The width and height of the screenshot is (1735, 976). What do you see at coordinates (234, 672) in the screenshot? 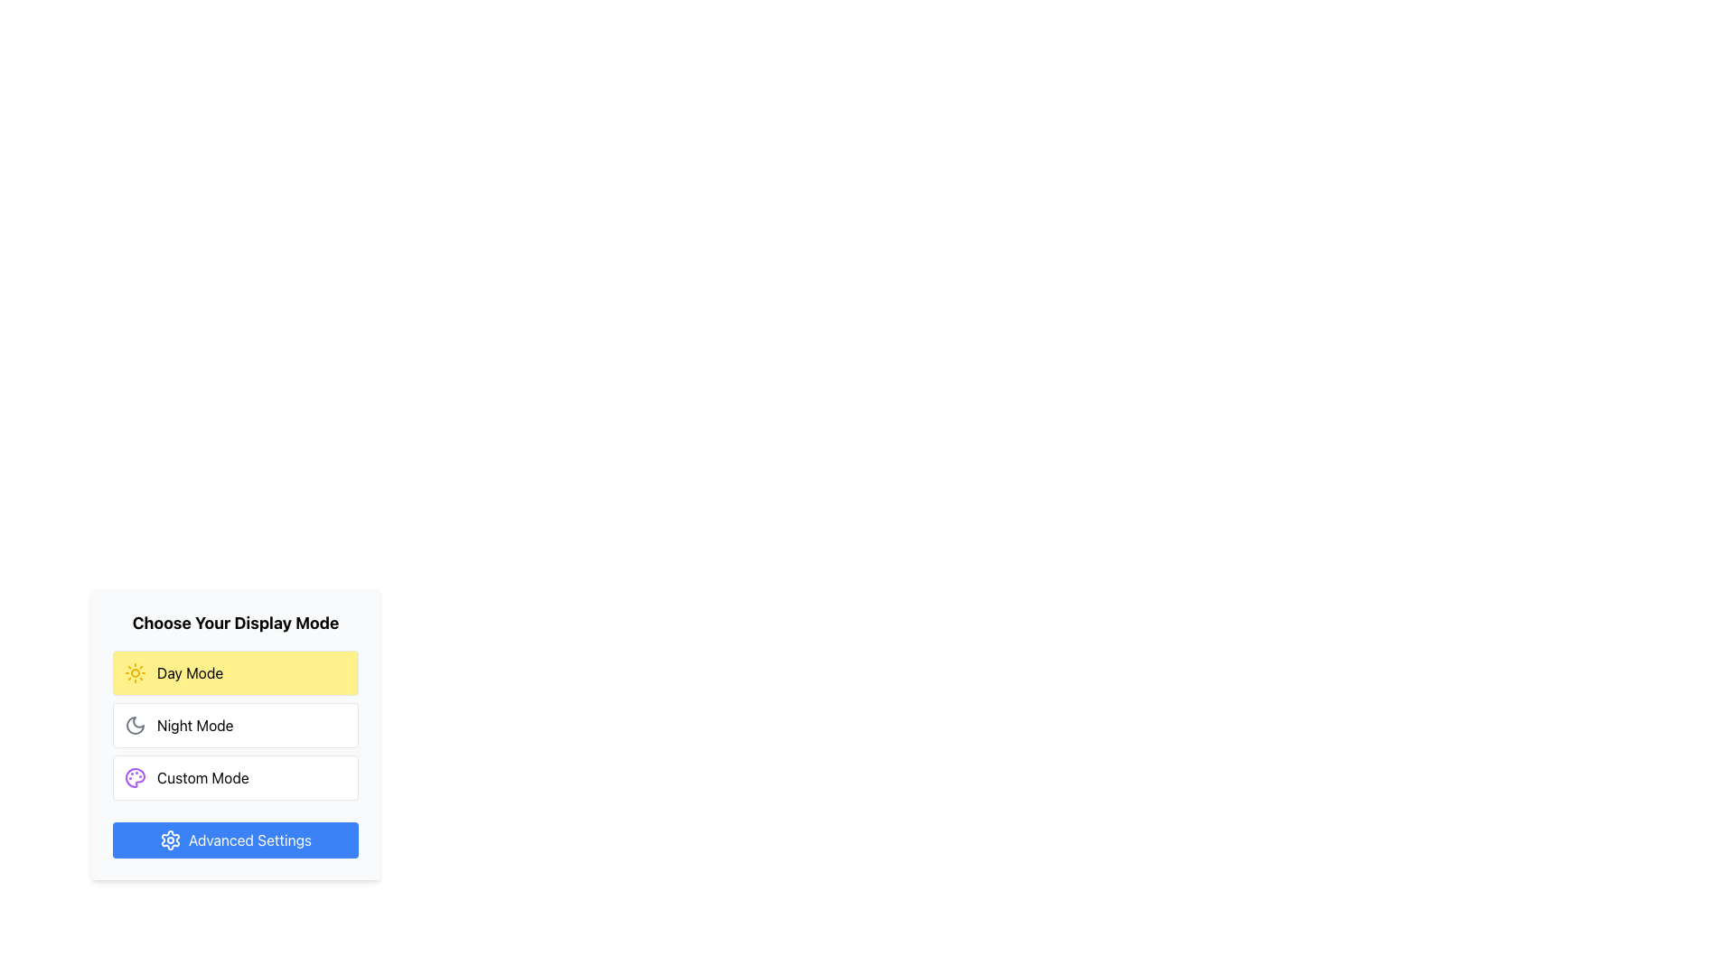
I see `the 'Day Mode' button in the 'Choose Your Display Mode' selection box` at bounding box center [234, 672].